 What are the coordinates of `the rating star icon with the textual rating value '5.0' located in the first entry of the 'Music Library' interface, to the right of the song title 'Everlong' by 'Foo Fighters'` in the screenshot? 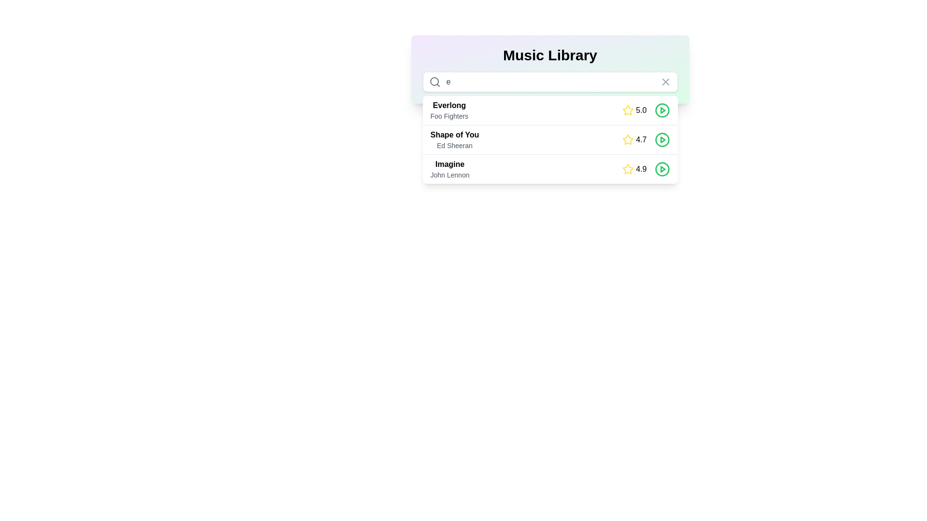 It's located at (646, 110).